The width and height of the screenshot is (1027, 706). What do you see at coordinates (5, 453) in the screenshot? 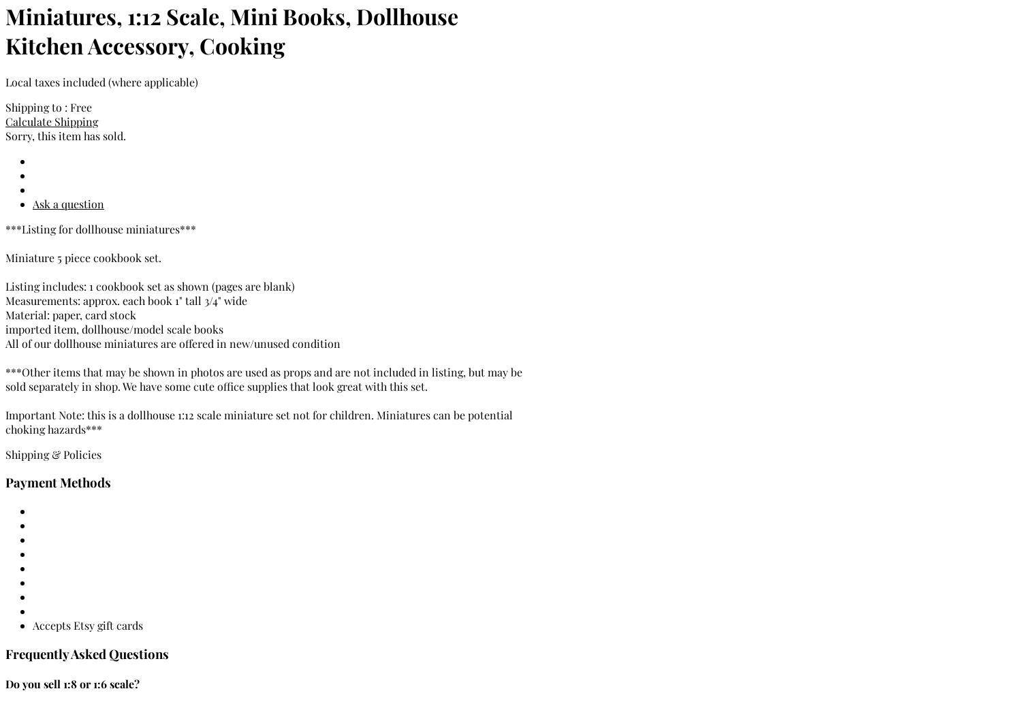
I see `'Shipping & Policies'` at bounding box center [5, 453].